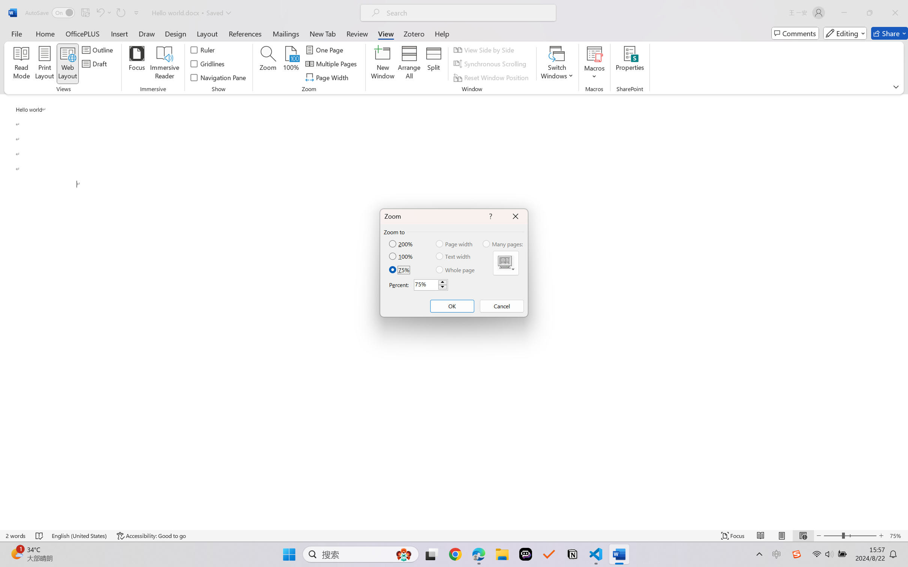  What do you see at coordinates (386, 33) in the screenshot?
I see `'View'` at bounding box center [386, 33].